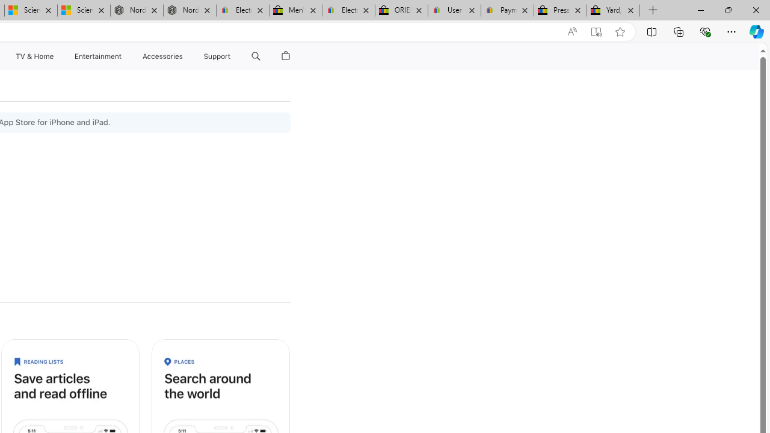 The height and width of the screenshot is (433, 770). What do you see at coordinates (233, 56) in the screenshot?
I see `'Class: globalnav-submenu-trigger-item'` at bounding box center [233, 56].